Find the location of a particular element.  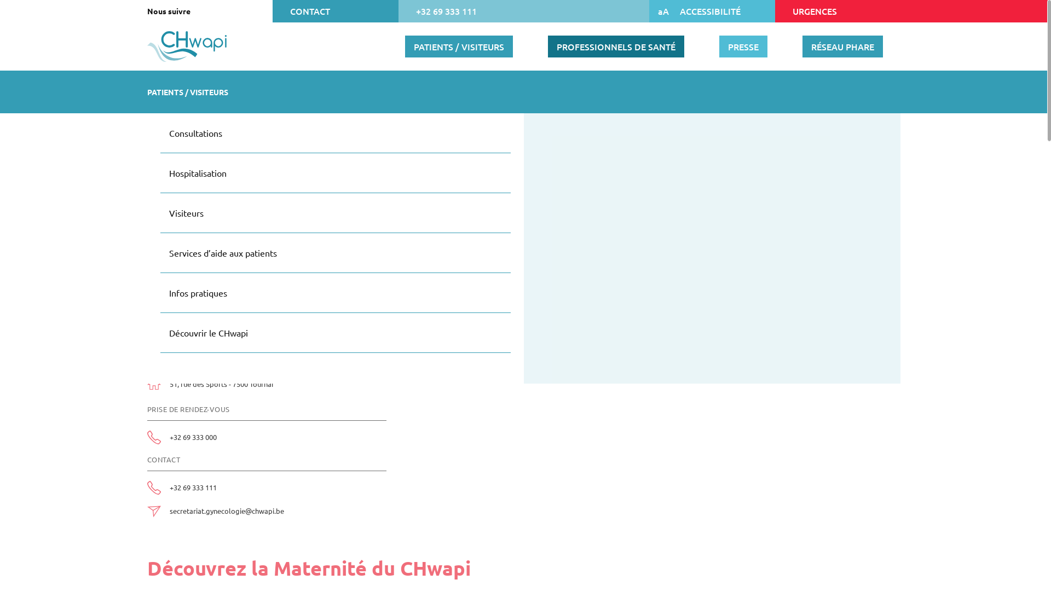

'PATIENTS / VISITEURS' is located at coordinates (459, 45).